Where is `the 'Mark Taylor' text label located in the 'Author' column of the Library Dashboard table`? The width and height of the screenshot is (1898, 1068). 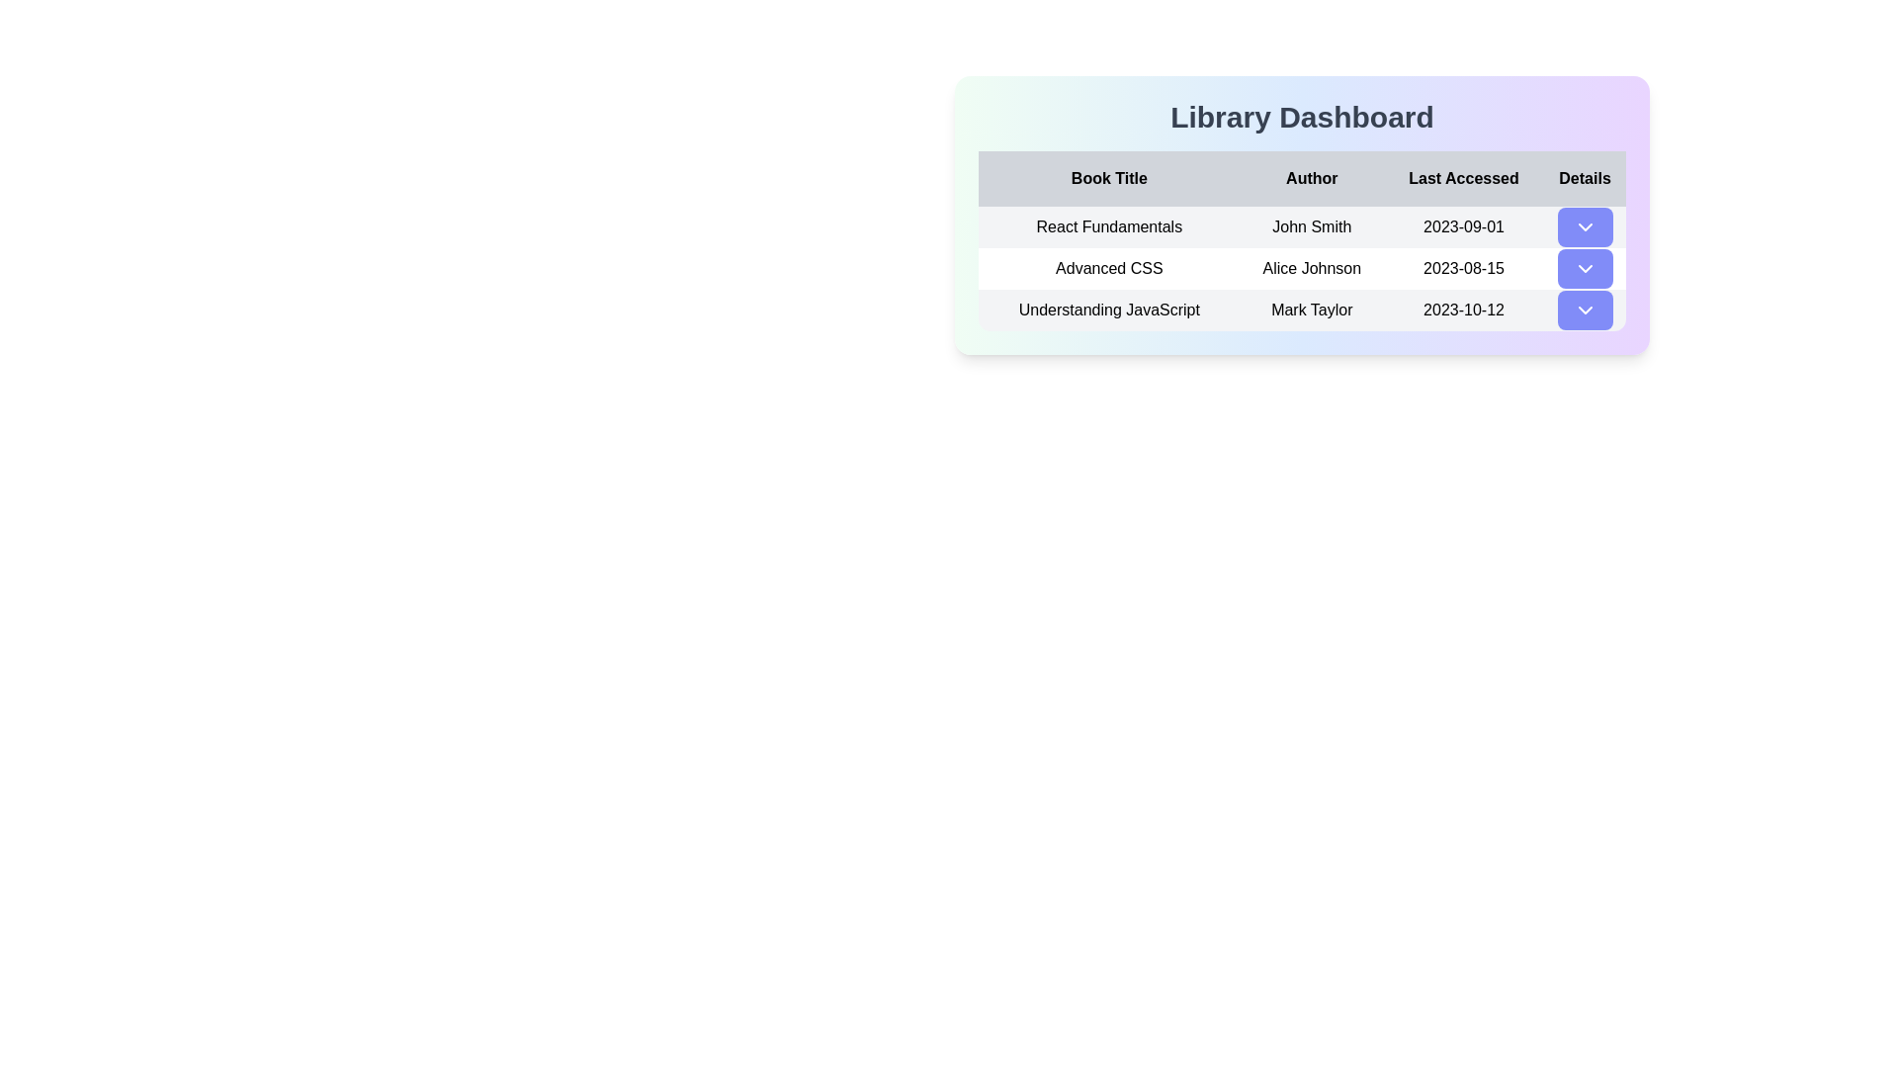
the 'Mark Taylor' text label located in the 'Author' column of the Library Dashboard table is located at coordinates (1312, 310).